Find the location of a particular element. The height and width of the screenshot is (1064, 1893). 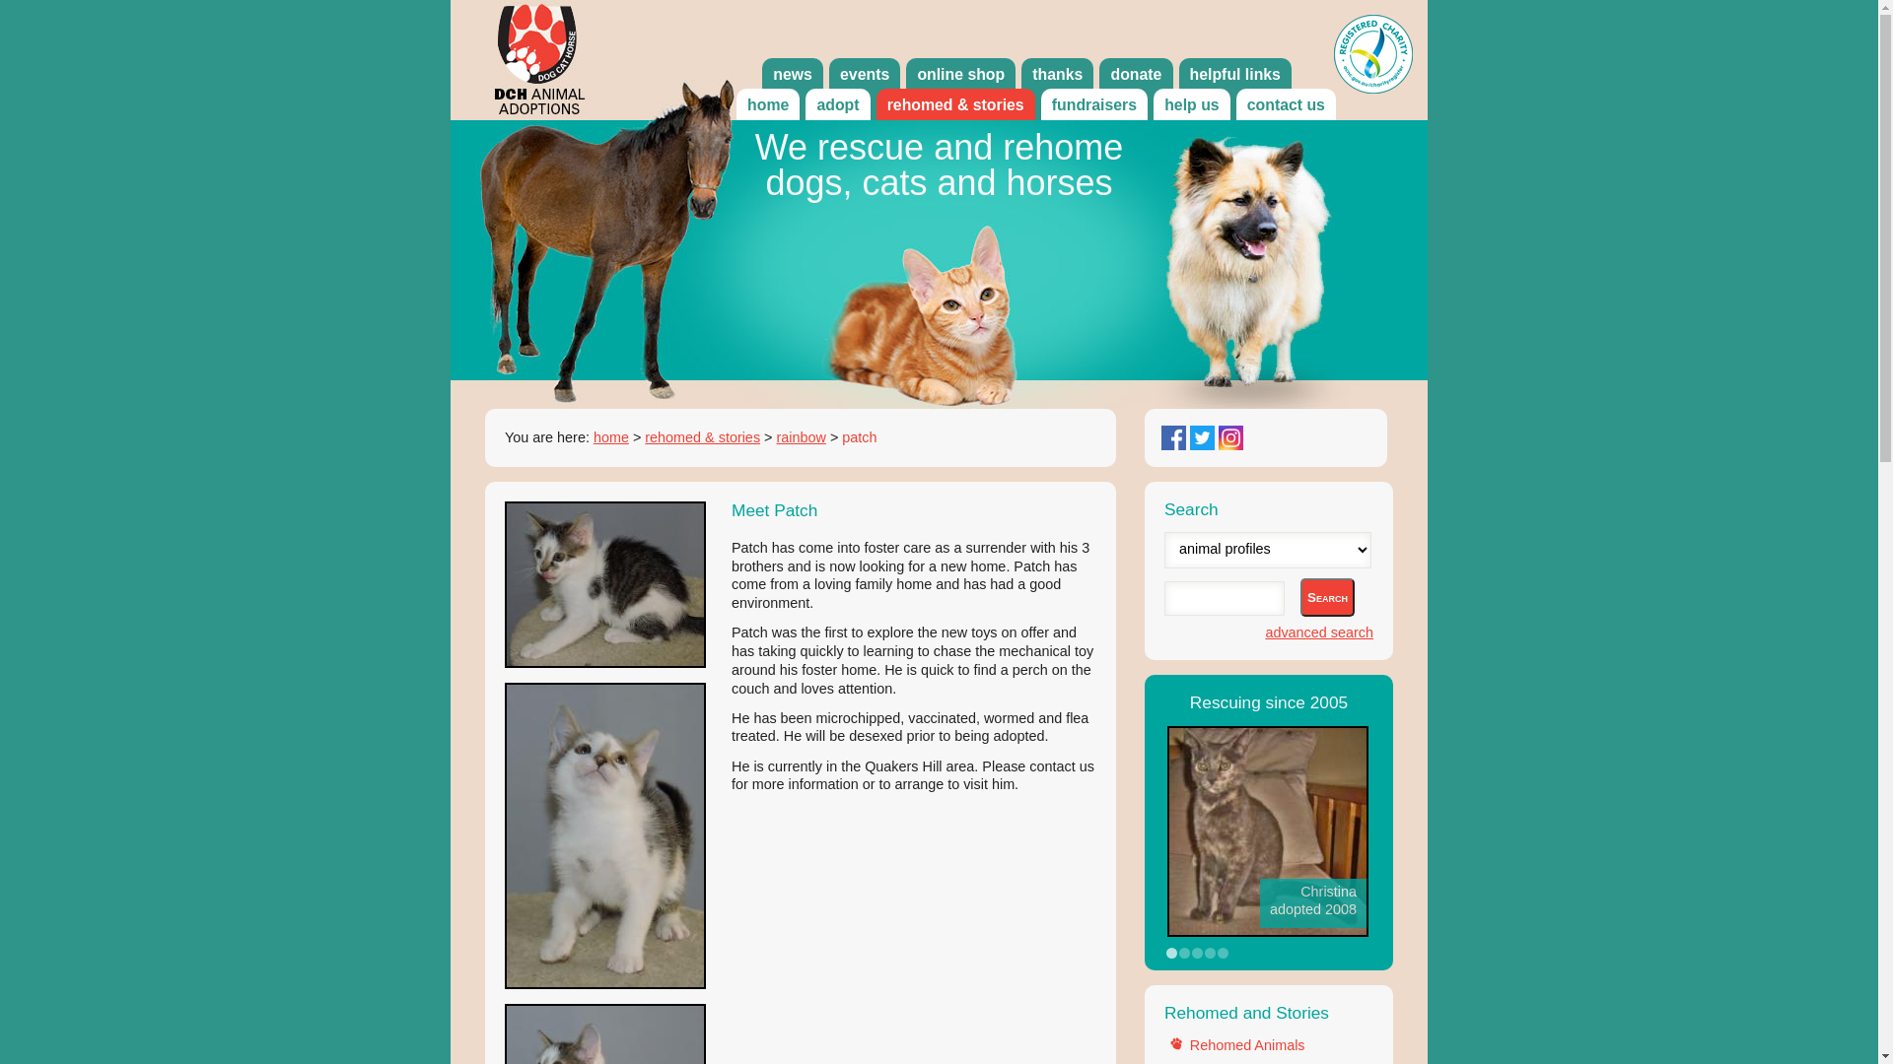

'4077-Patch-picture0' is located at coordinates (604, 583).